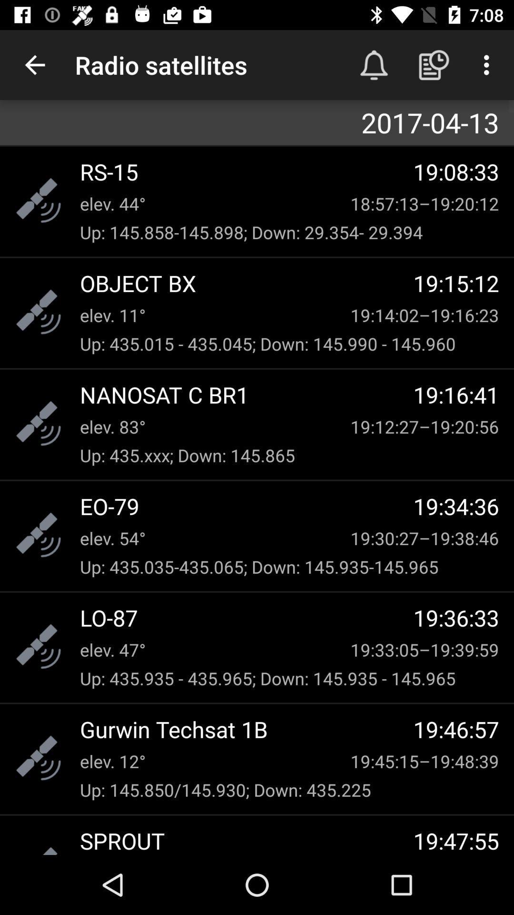  What do you see at coordinates (34, 64) in the screenshot?
I see `the icon to the left of the radio satellites` at bounding box center [34, 64].